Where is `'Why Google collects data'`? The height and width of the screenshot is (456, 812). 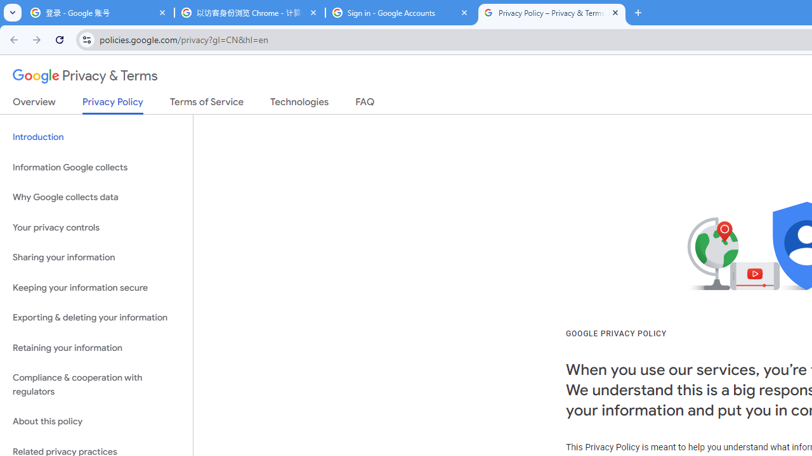
'Why Google collects data' is located at coordinates (96, 198).